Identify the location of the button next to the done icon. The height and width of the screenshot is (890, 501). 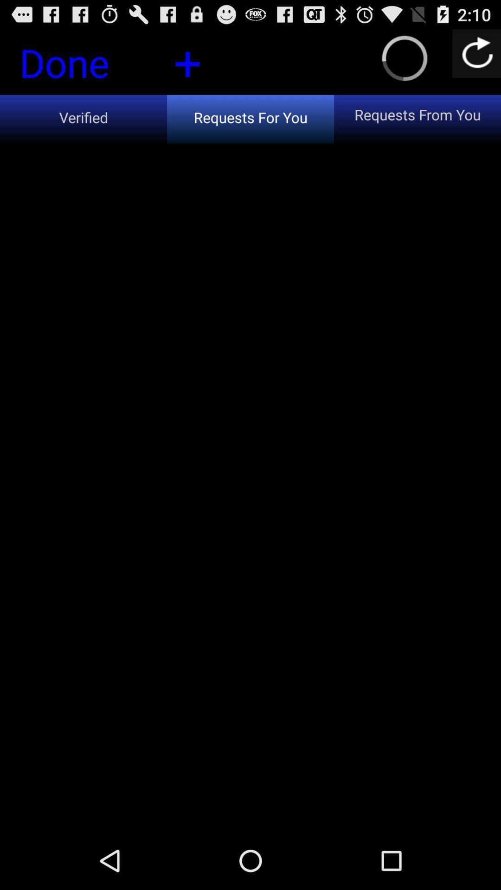
(187, 61).